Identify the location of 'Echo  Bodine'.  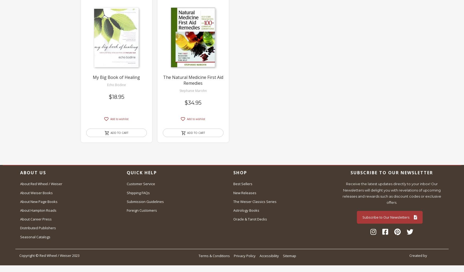
(116, 84).